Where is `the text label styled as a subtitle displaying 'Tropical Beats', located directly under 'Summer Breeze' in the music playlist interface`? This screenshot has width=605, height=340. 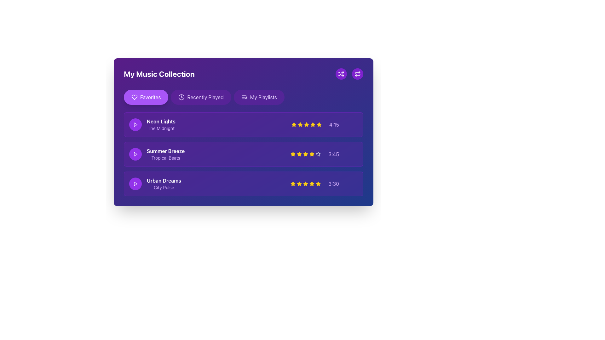 the text label styled as a subtitle displaying 'Tropical Beats', located directly under 'Summer Breeze' in the music playlist interface is located at coordinates (166, 157).